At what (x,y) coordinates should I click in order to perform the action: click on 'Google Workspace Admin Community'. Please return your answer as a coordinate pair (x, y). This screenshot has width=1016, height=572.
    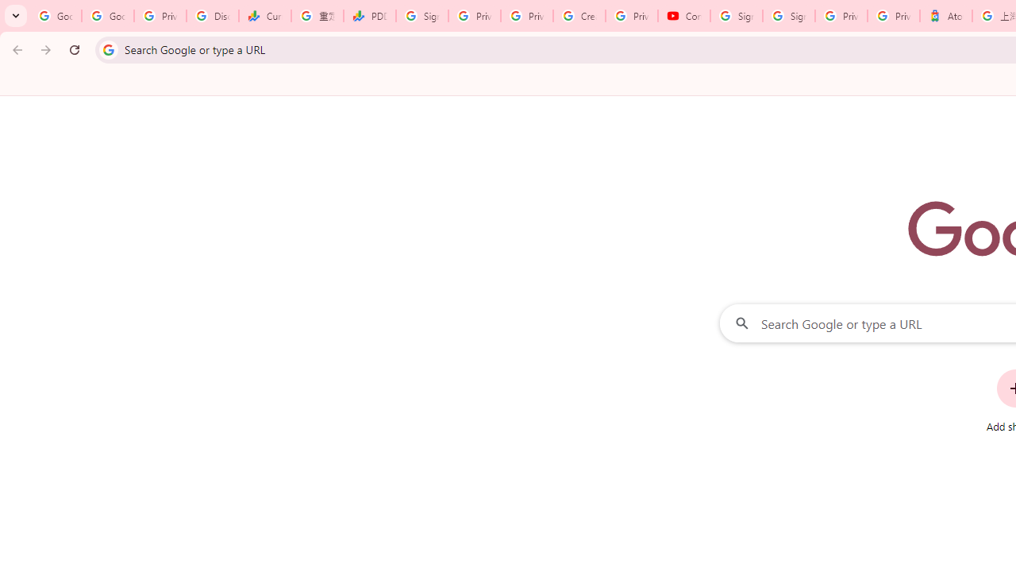
    Looking at the image, I should click on (56, 16).